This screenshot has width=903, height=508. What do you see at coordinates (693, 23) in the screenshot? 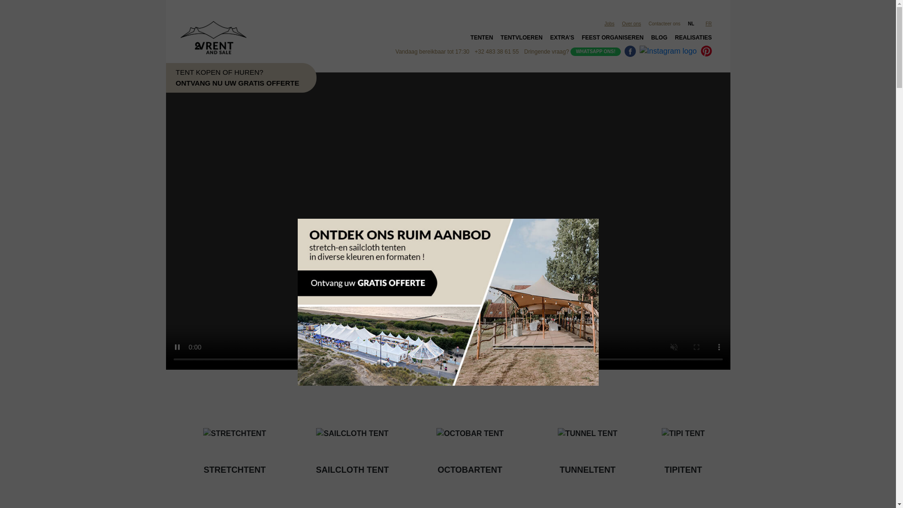
I see `'NL'` at bounding box center [693, 23].